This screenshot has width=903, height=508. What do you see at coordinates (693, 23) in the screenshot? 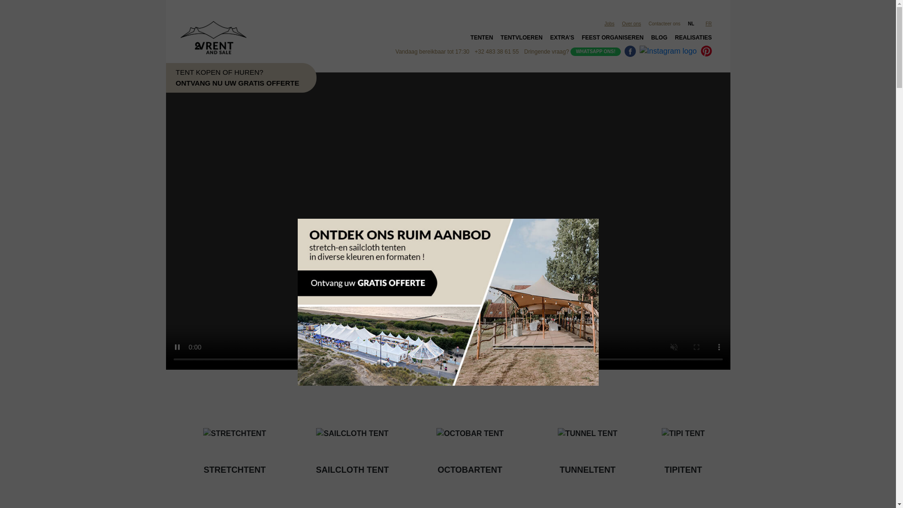
I see `'NL'` at bounding box center [693, 23].